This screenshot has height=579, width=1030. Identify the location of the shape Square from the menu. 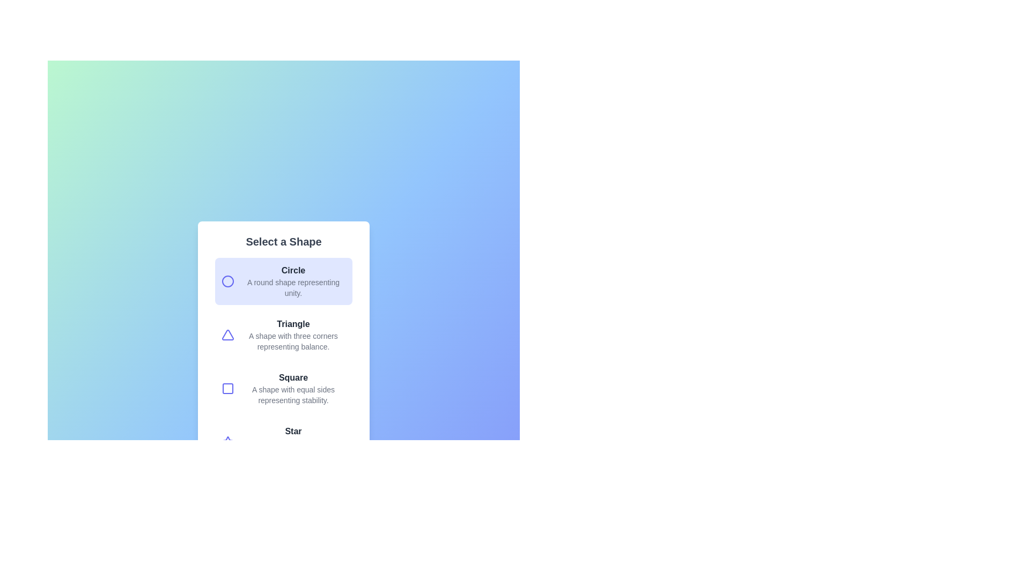
(283, 389).